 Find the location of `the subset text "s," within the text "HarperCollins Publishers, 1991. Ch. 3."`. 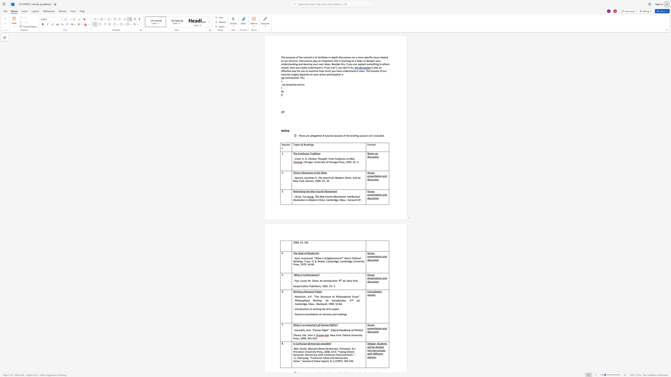

the subset text "s," within the text "HarperCollins Publishers, 1991. Ch. 3." is located at coordinates (320, 286).